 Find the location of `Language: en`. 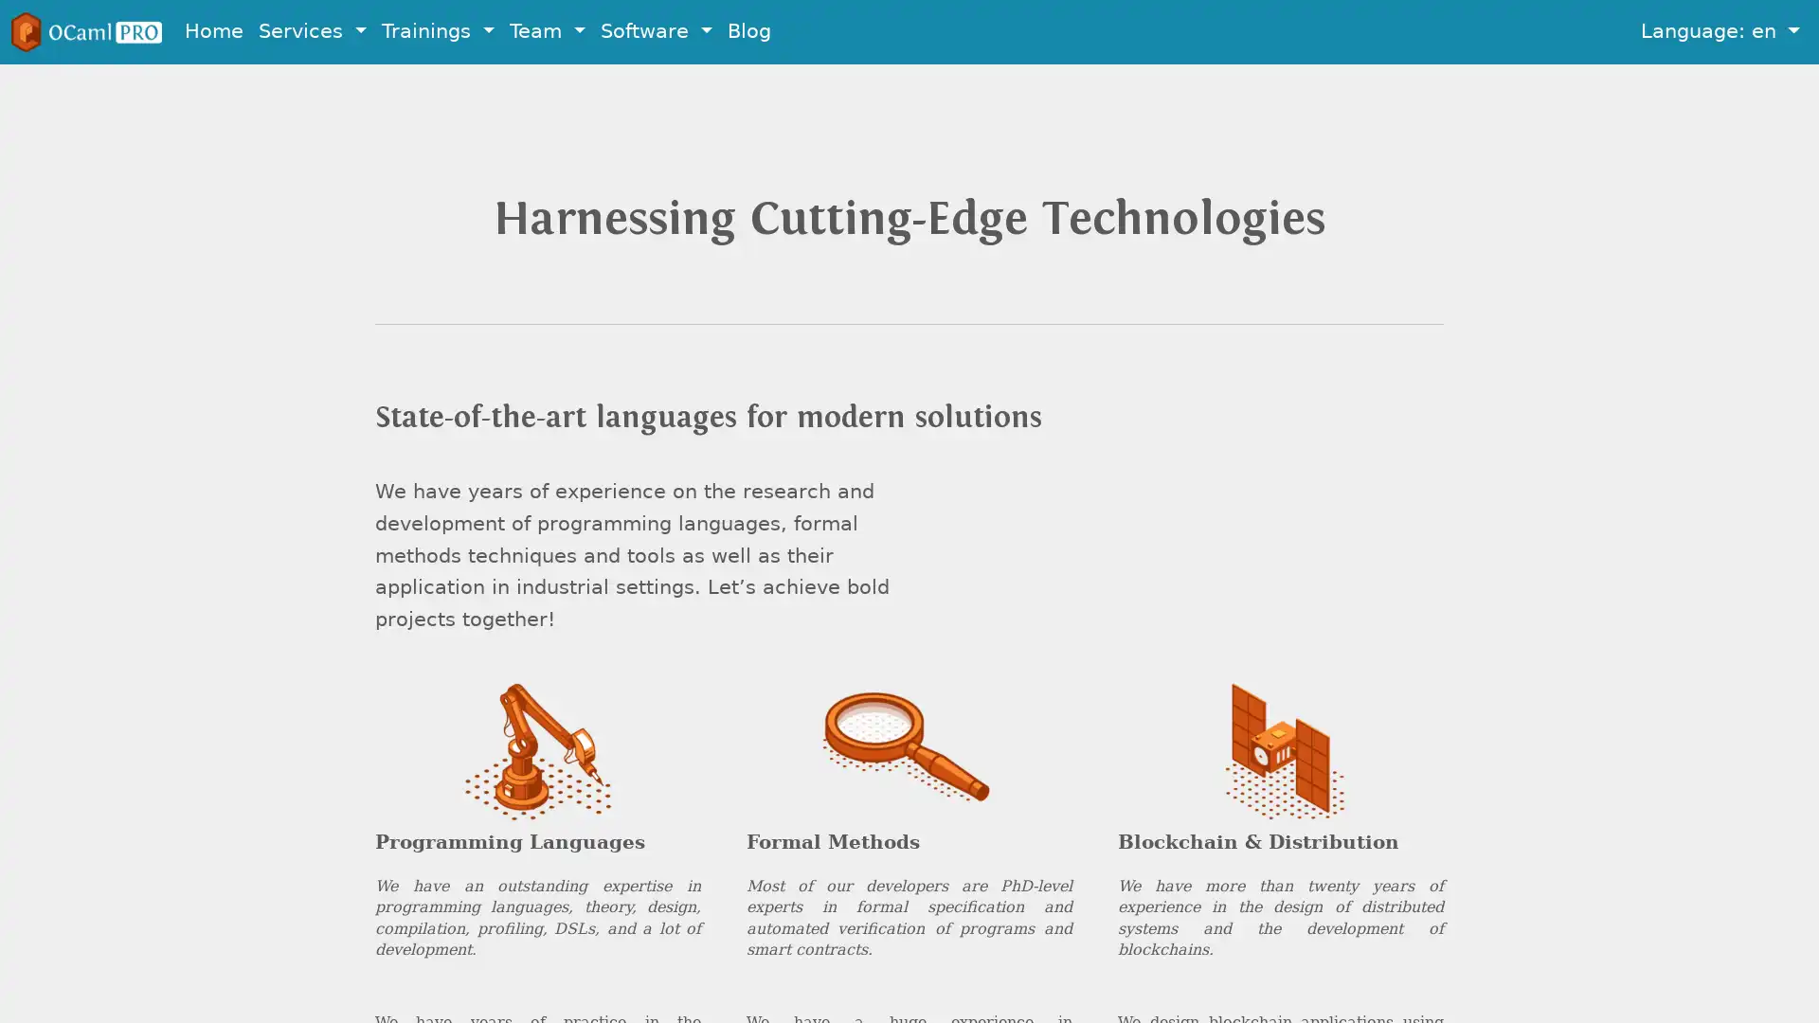

Language: en is located at coordinates (1720, 31).